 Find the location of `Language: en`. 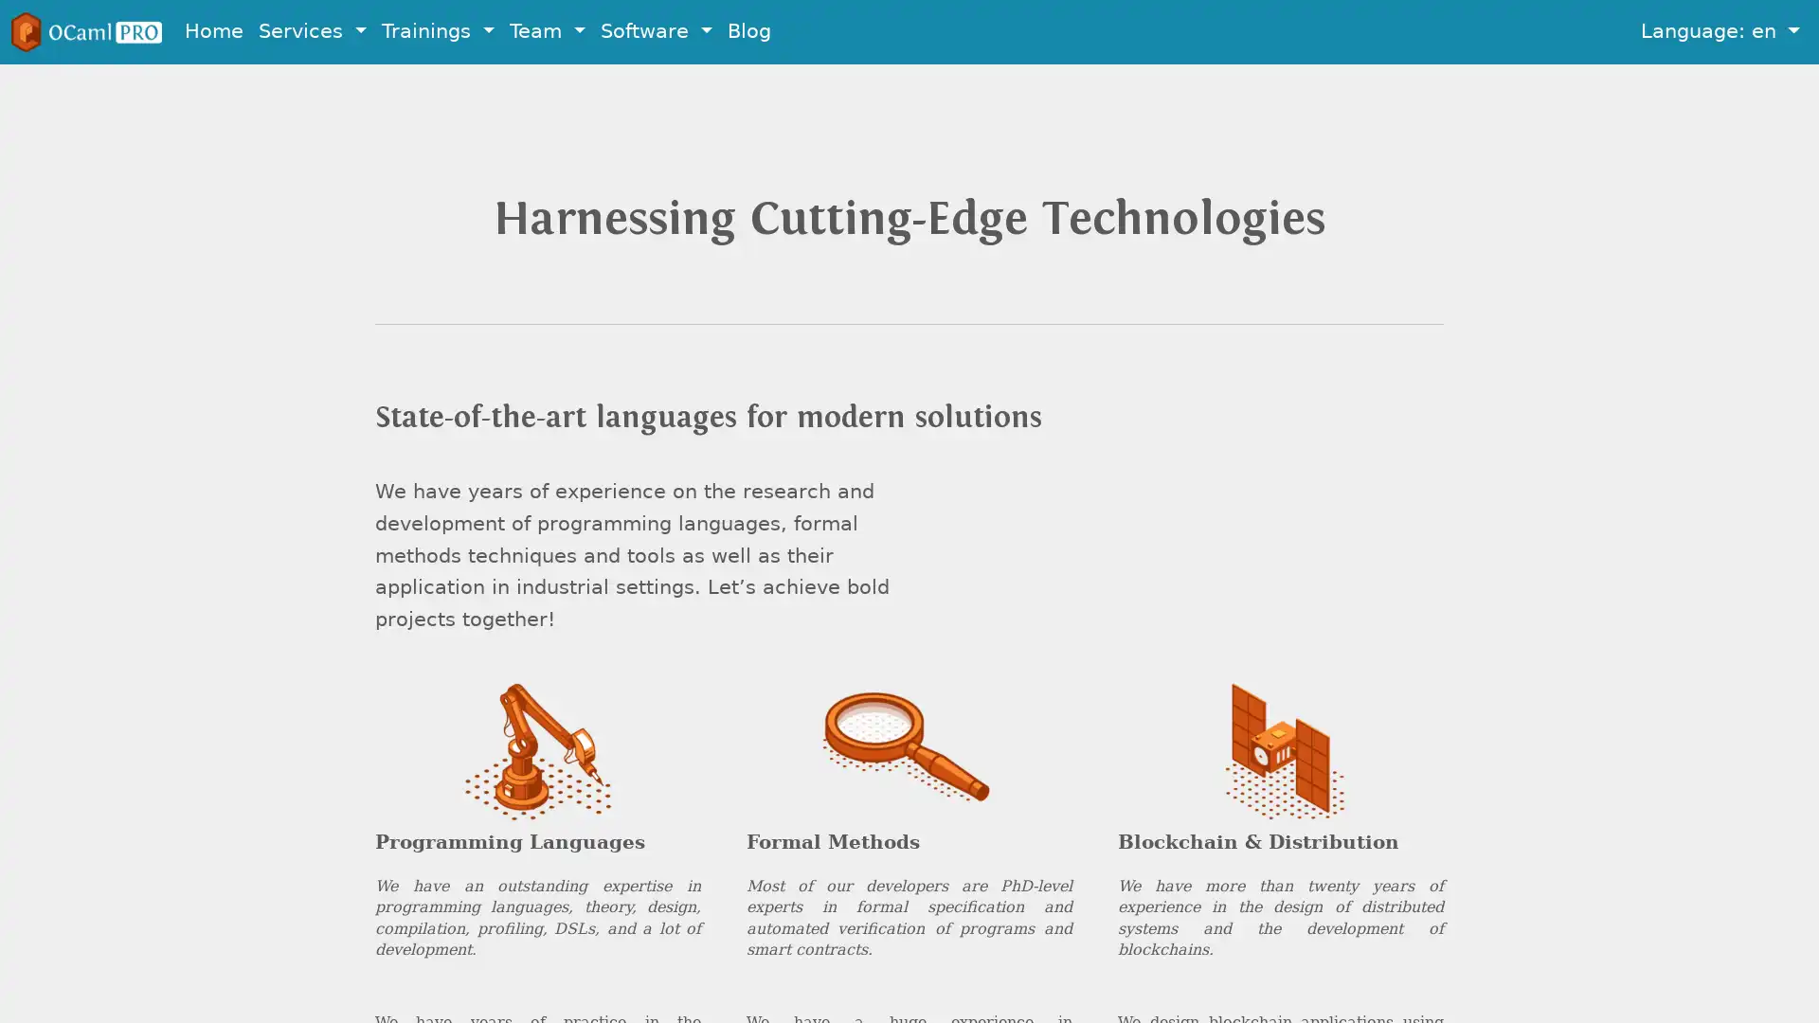

Language: en is located at coordinates (1720, 31).